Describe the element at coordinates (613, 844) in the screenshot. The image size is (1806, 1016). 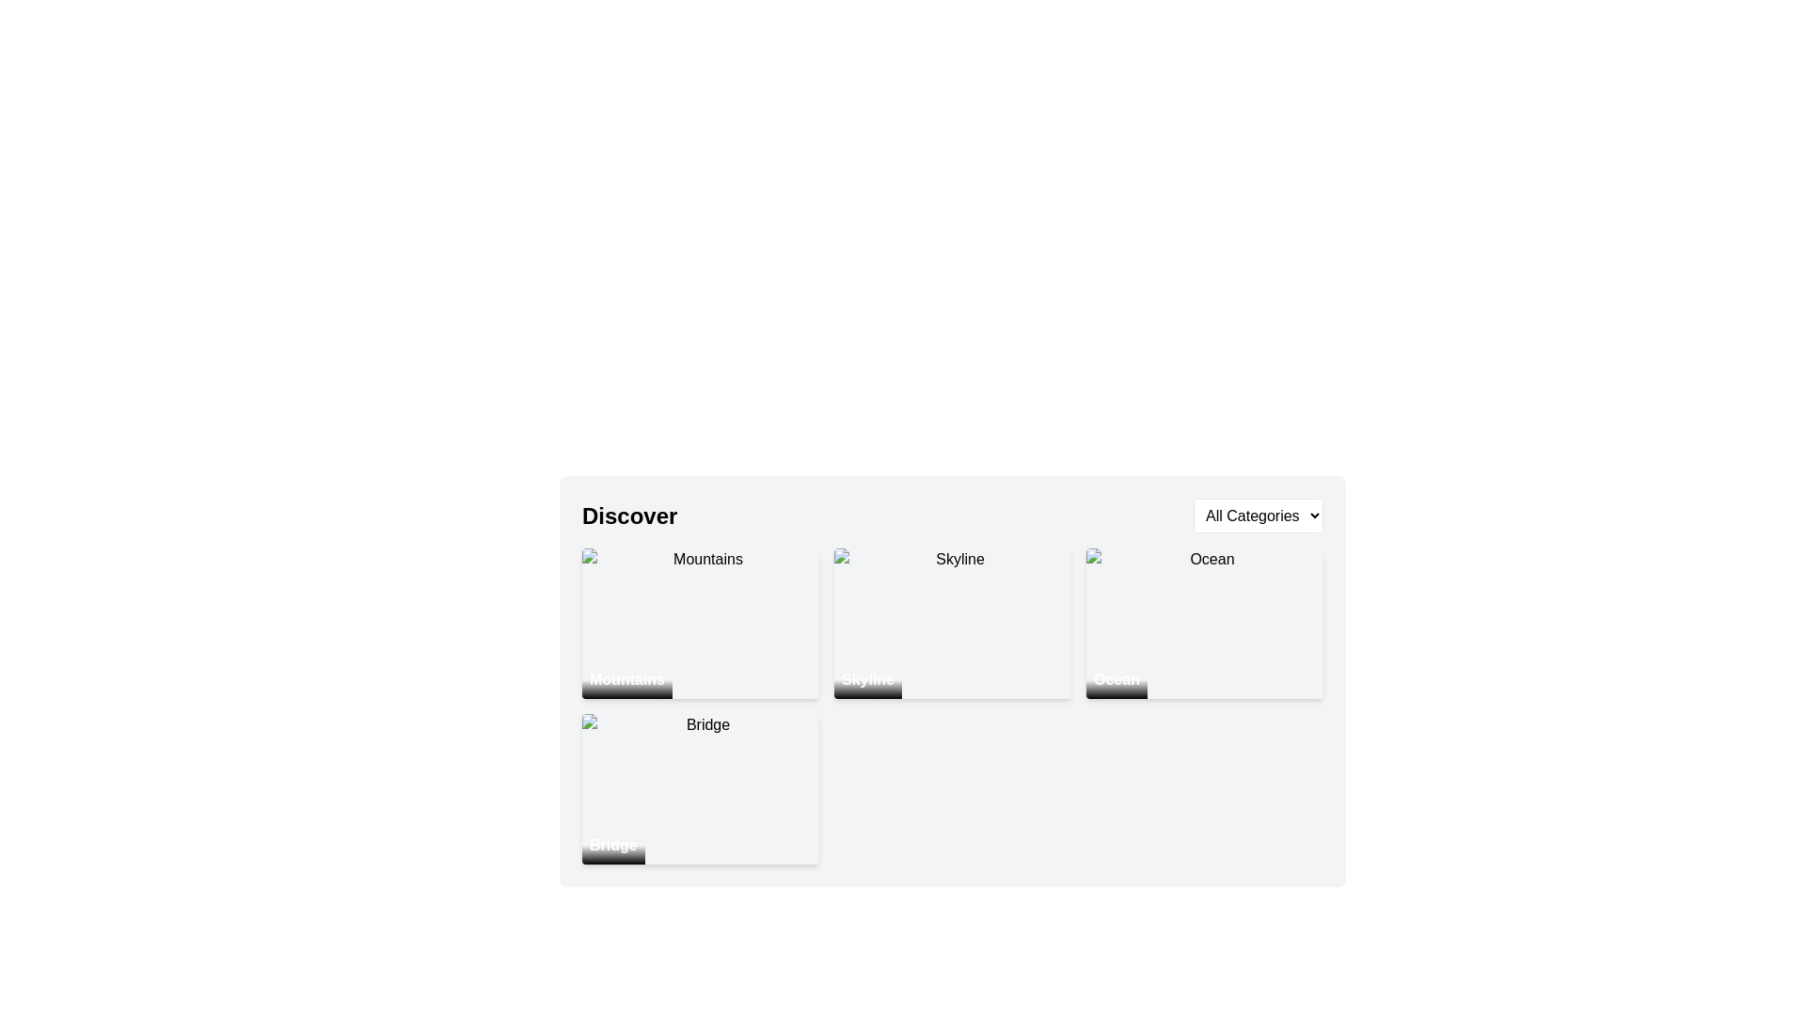
I see `the text label displaying 'Bridge' located in the bottom overlay of the fourth card in the second row of the grid layout to possibly trigger a tooltip or highlight effect` at that location.